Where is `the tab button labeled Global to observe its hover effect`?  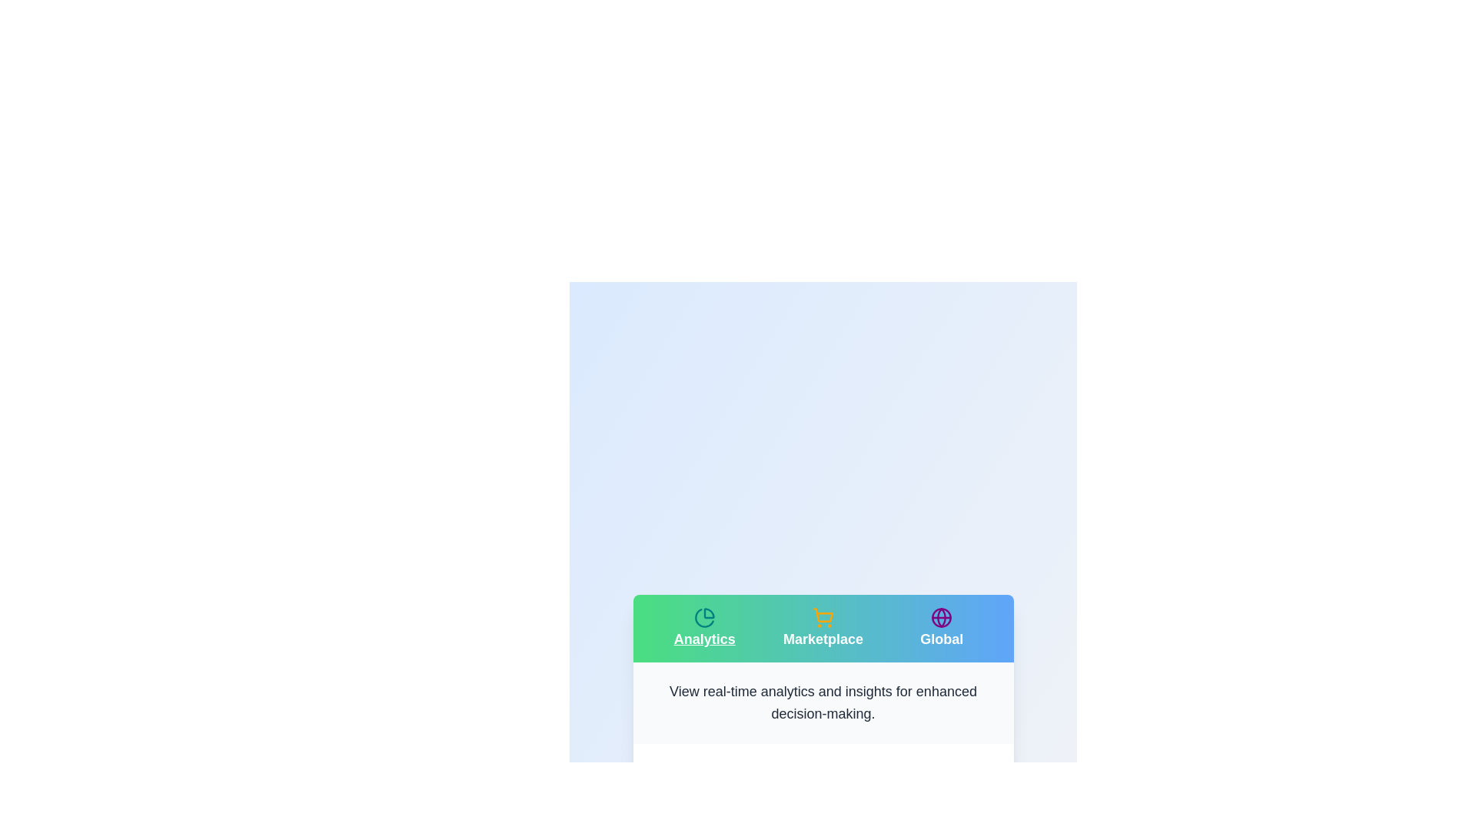
the tab button labeled Global to observe its hover effect is located at coordinates (941, 628).